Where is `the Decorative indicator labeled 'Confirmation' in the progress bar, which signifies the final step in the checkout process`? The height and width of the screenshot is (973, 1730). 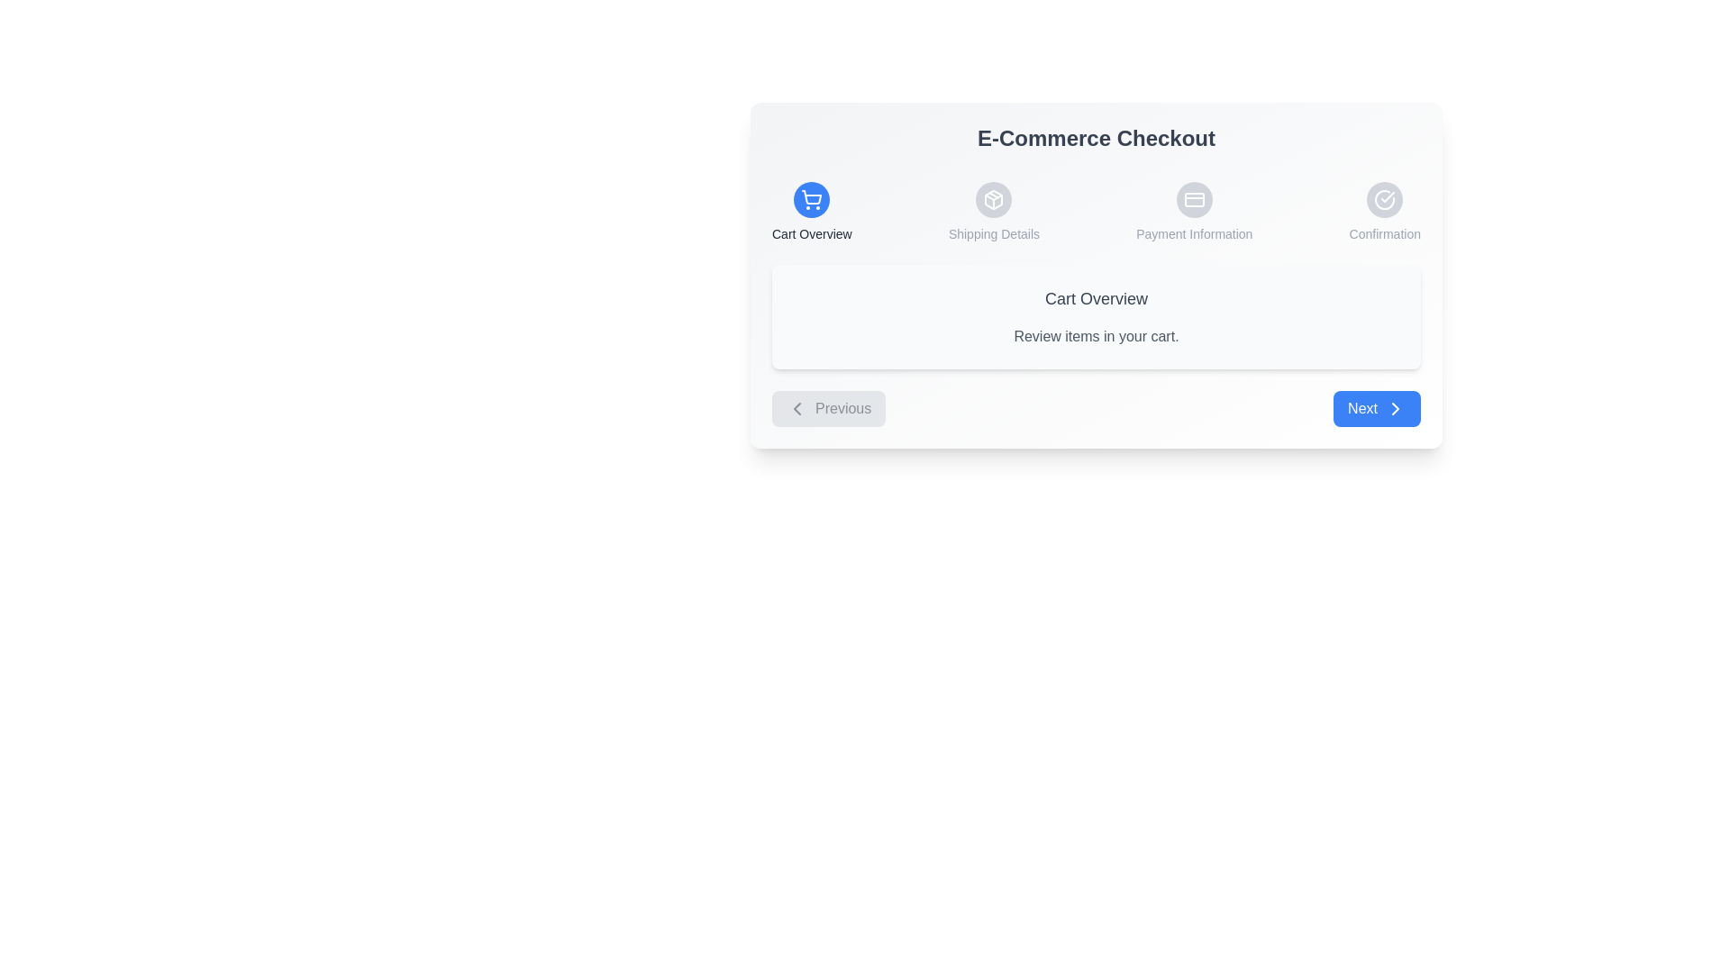
the Decorative indicator labeled 'Confirmation' in the progress bar, which signifies the final step in the checkout process is located at coordinates (1384, 200).